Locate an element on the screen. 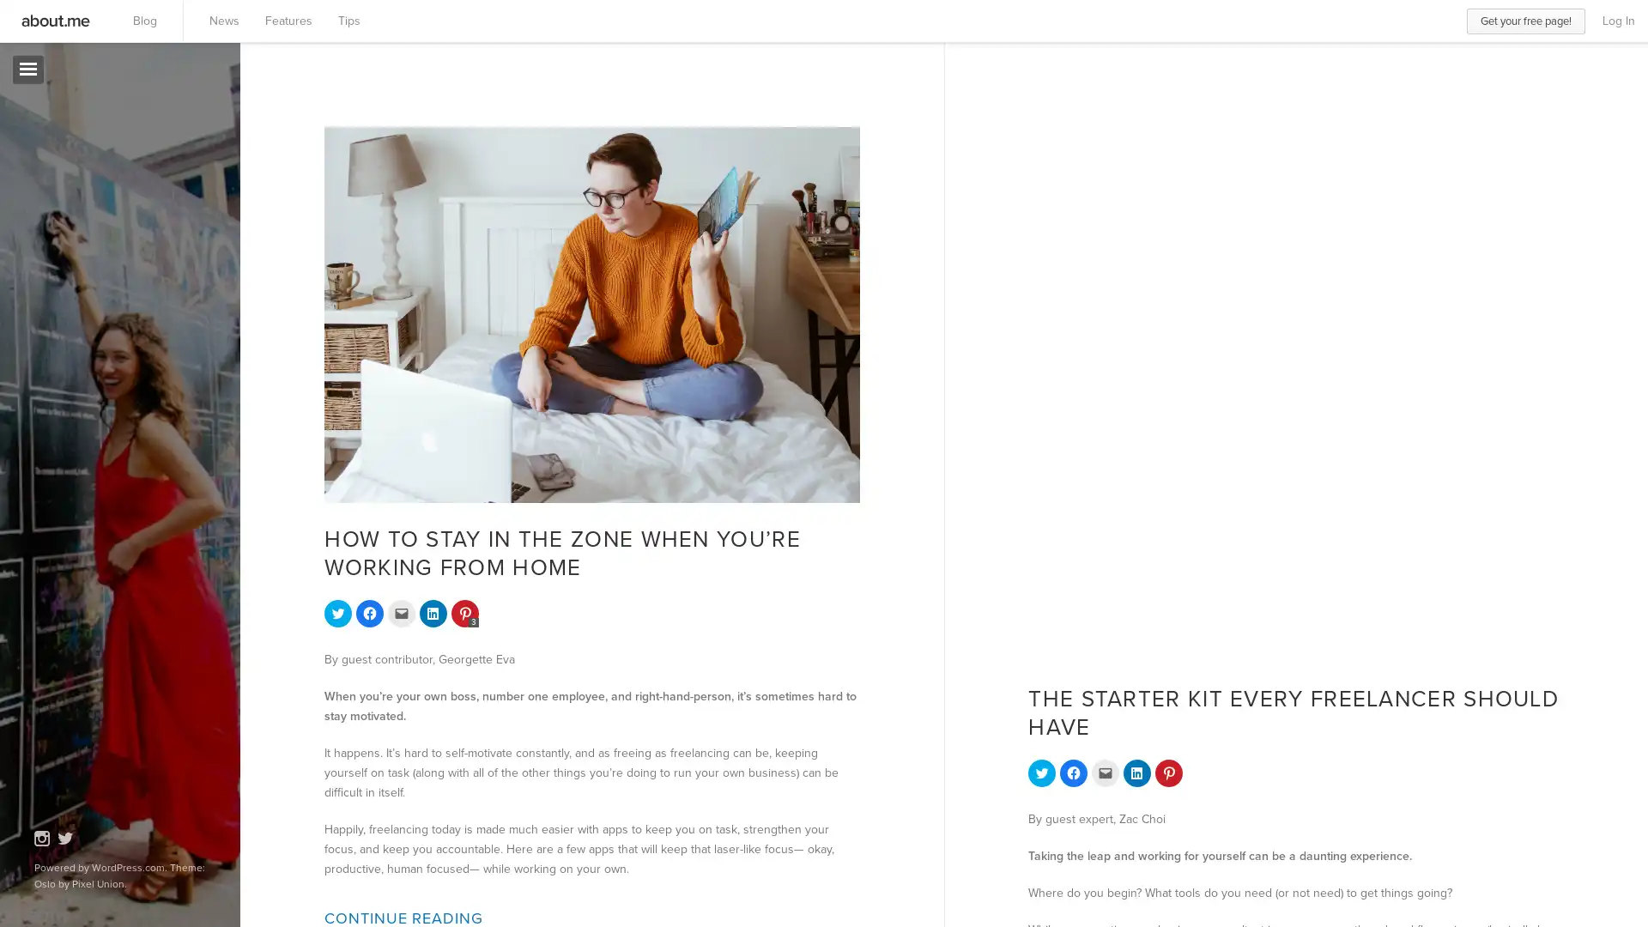  Subscribe is located at coordinates (69, 423).